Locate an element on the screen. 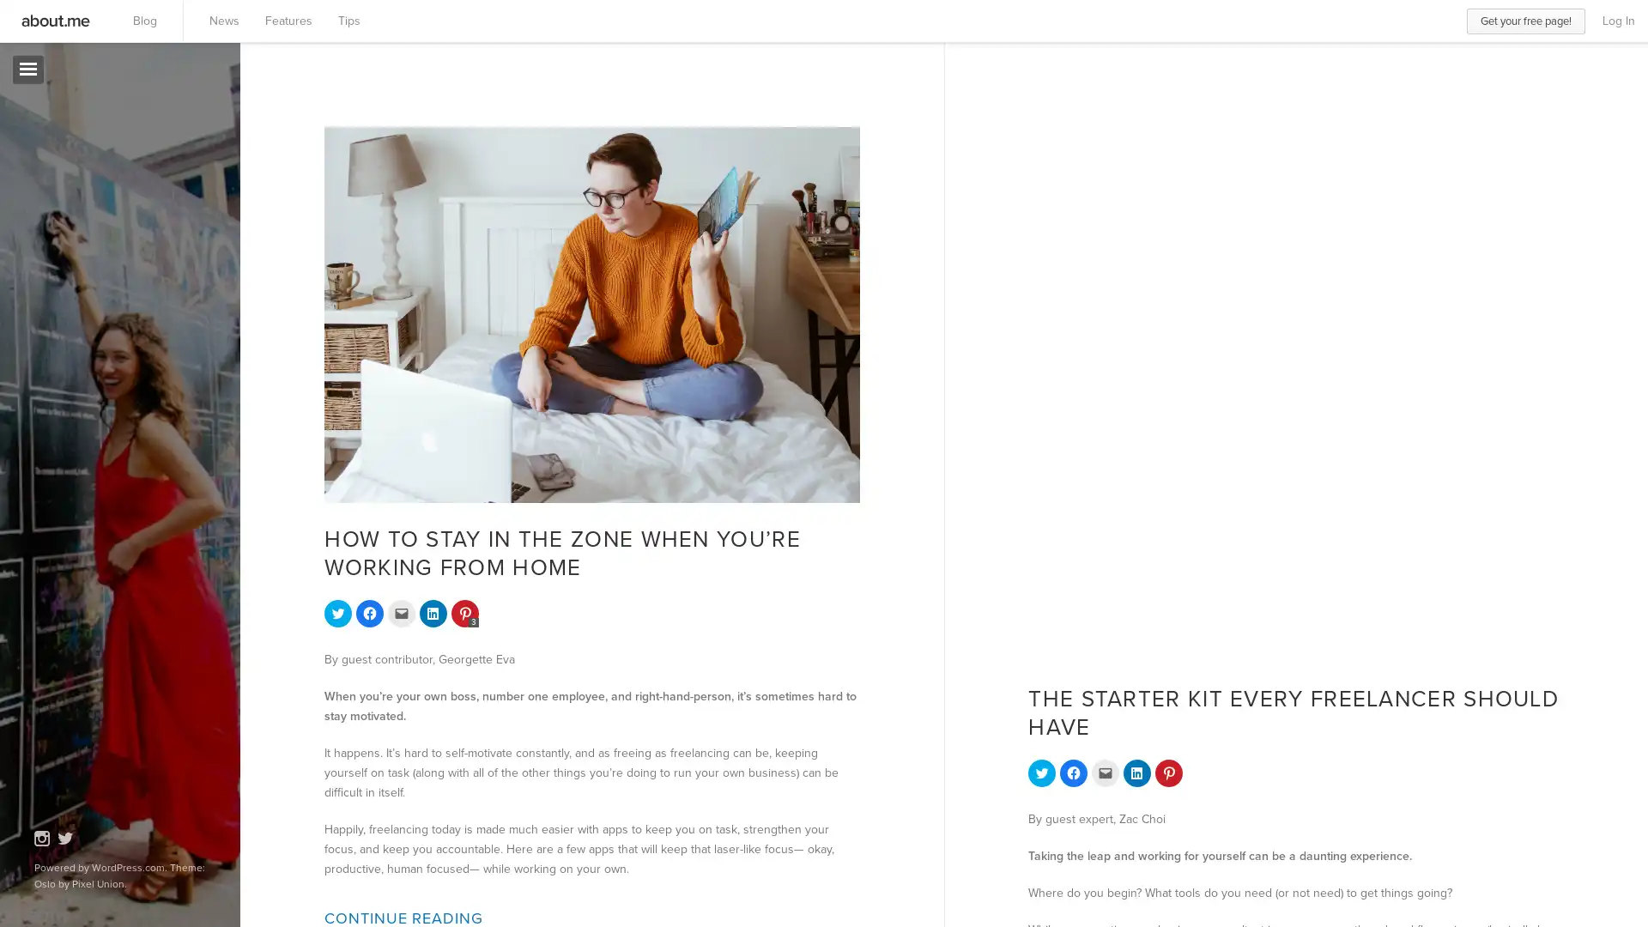  Subscribe is located at coordinates (69, 423).